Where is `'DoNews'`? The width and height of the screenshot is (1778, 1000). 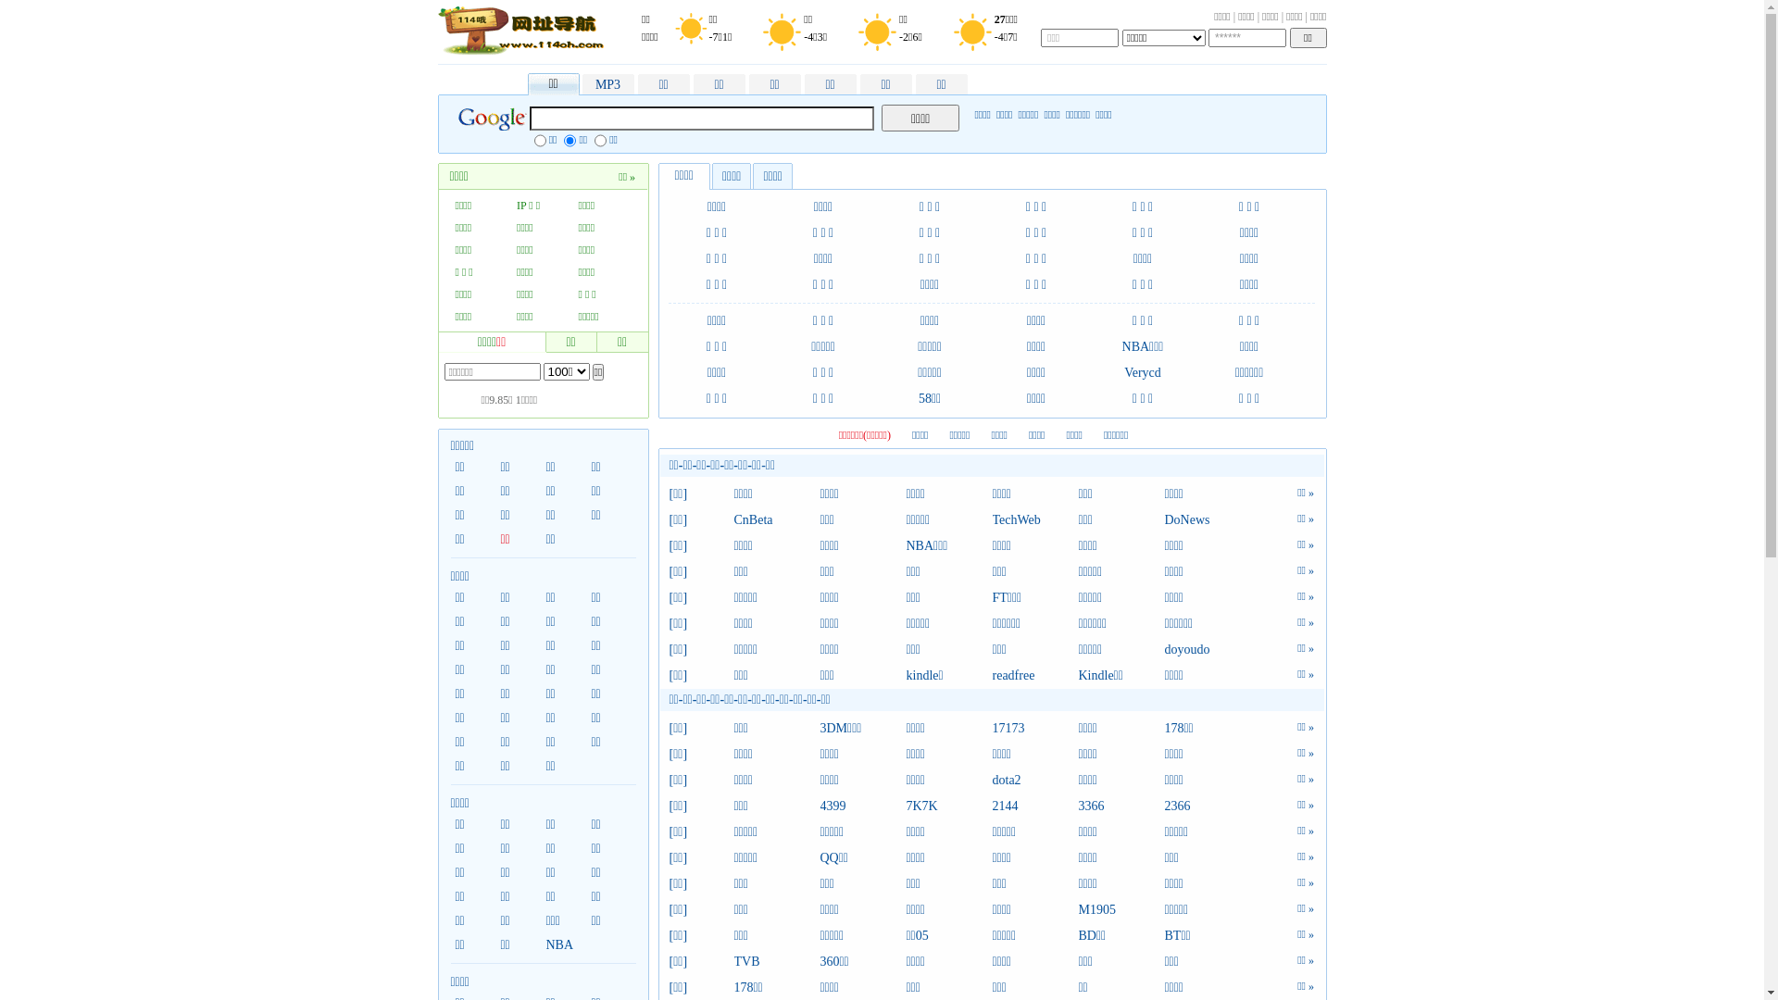 'DoNews' is located at coordinates (1208, 520).